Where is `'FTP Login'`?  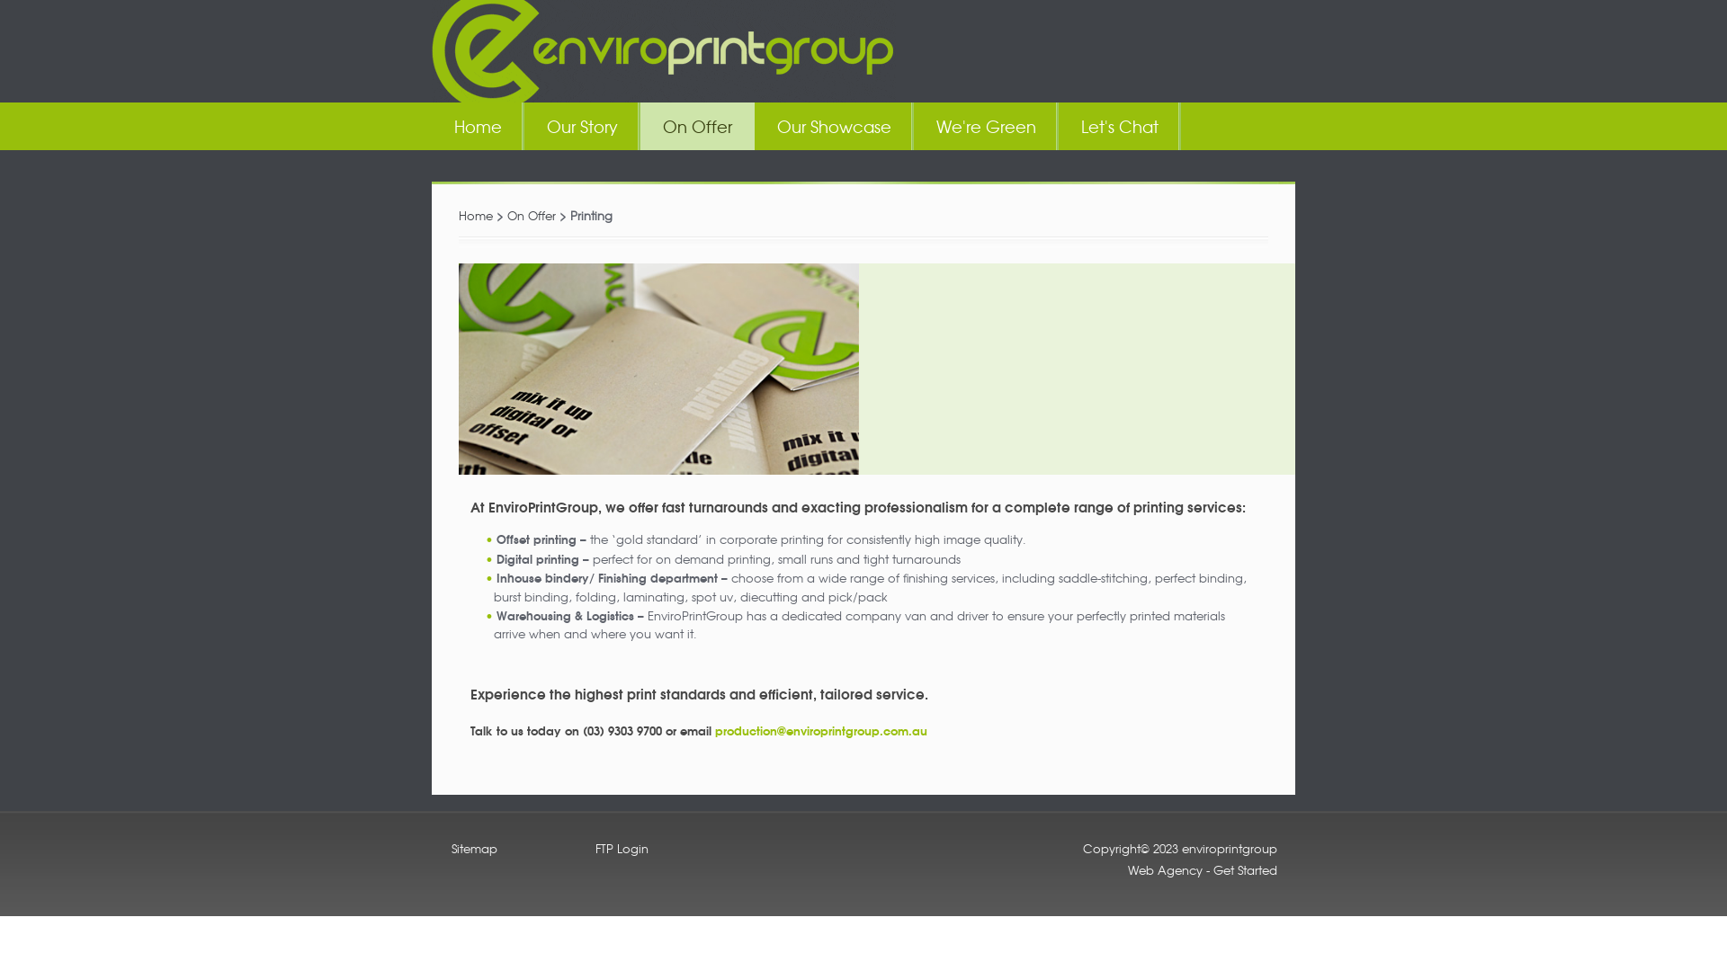 'FTP Login' is located at coordinates (622, 848).